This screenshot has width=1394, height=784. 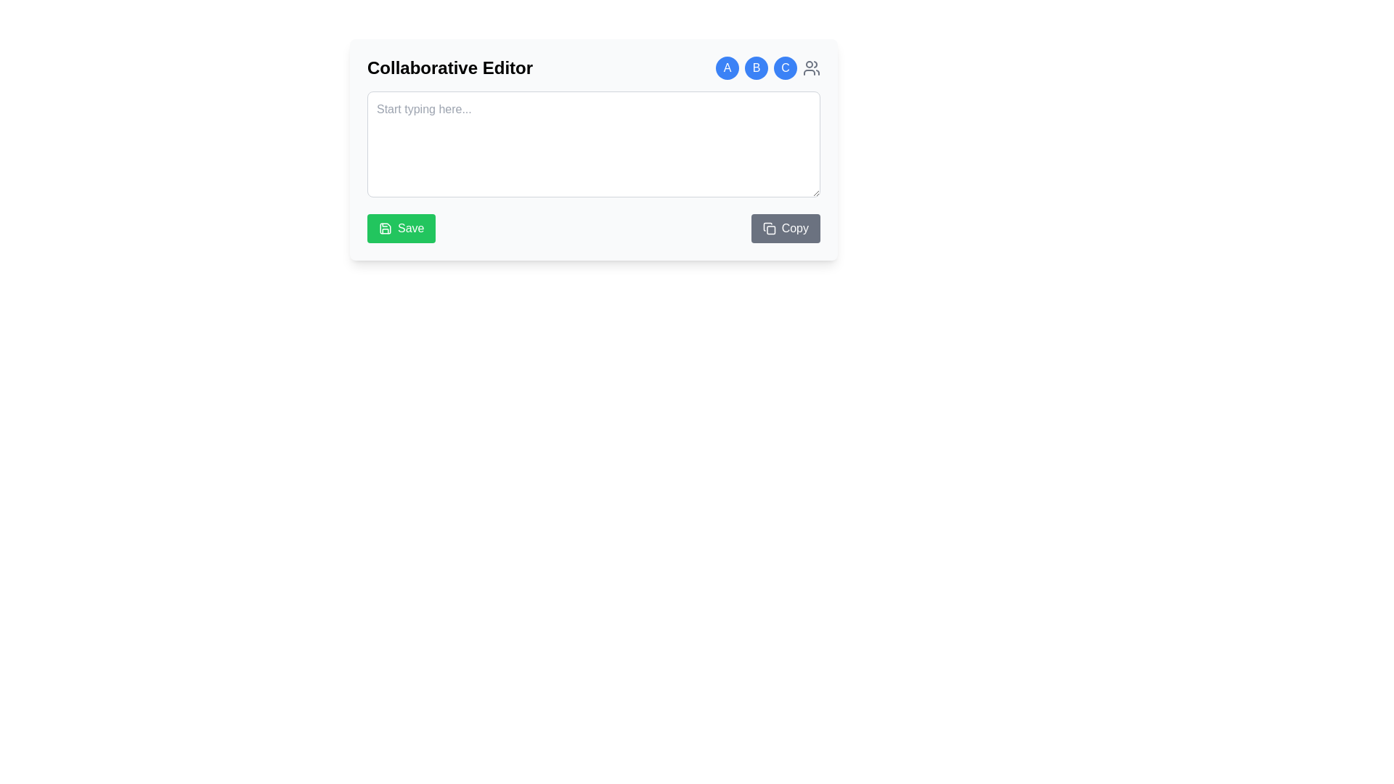 I want to click on the save icon located at the bottom left corner of the 'Collaborative Editor' card, so click(x=386, y=229).